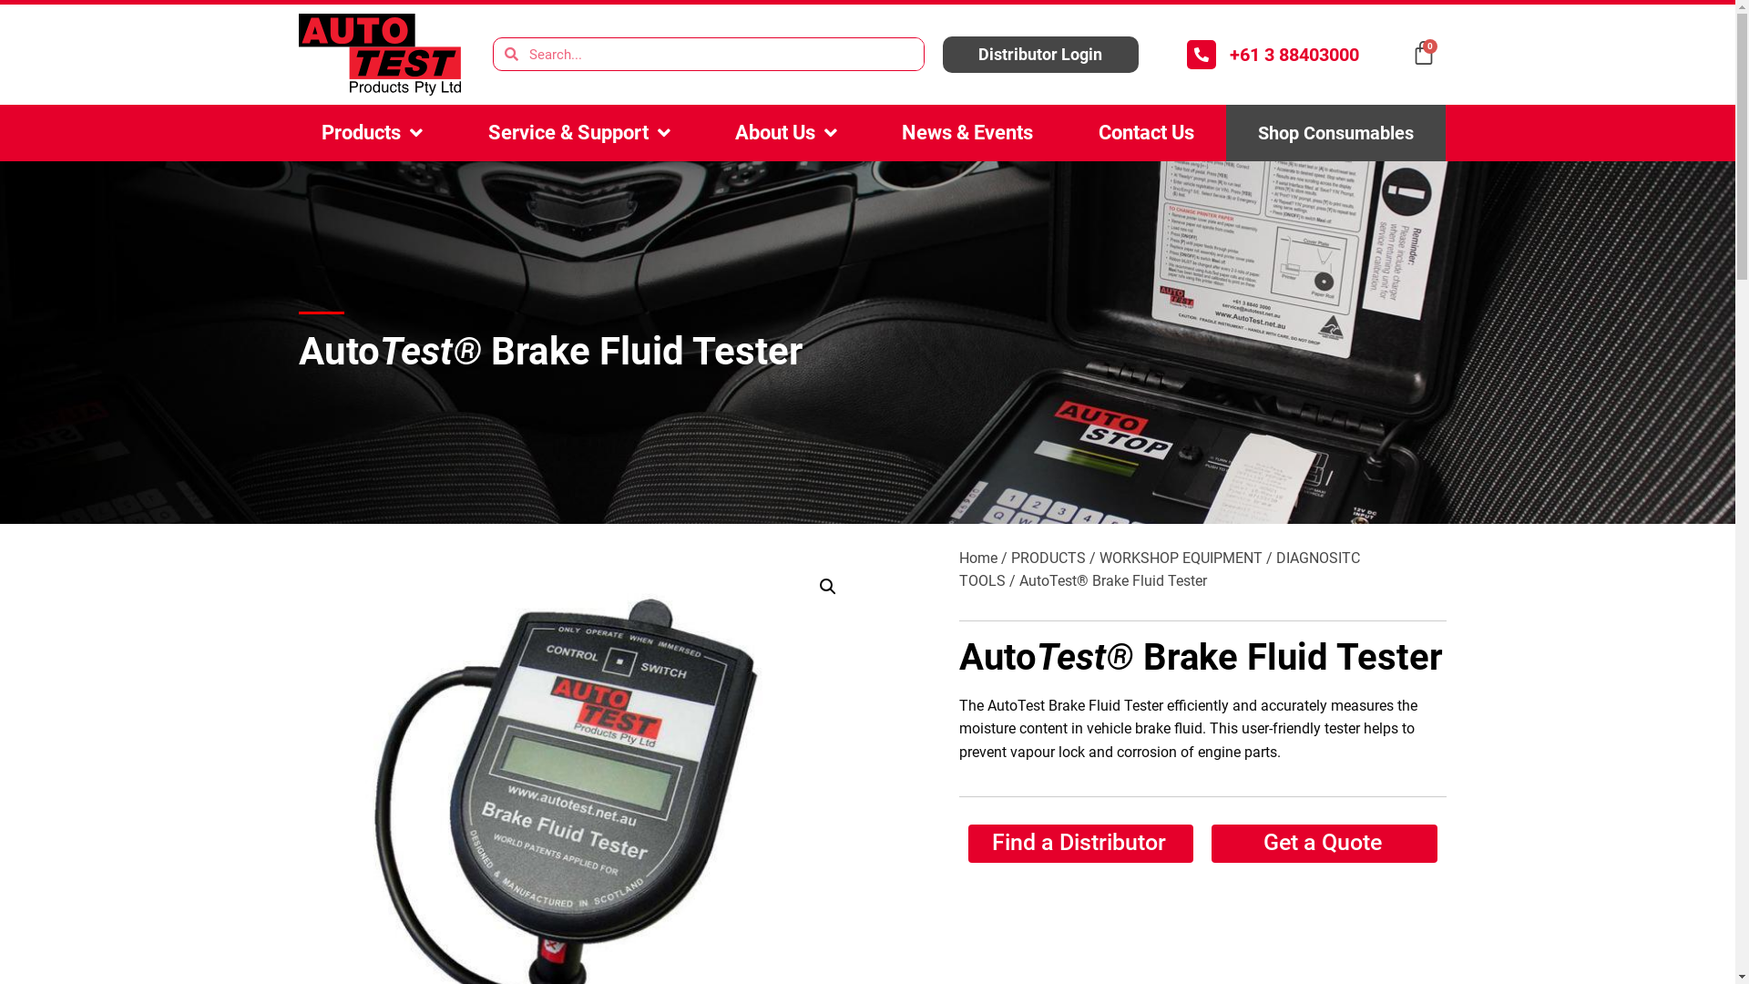  What do you see at coordinates (1410, 52) in the screenshot?
I see `'0'` at bounding box center [1410, 52].